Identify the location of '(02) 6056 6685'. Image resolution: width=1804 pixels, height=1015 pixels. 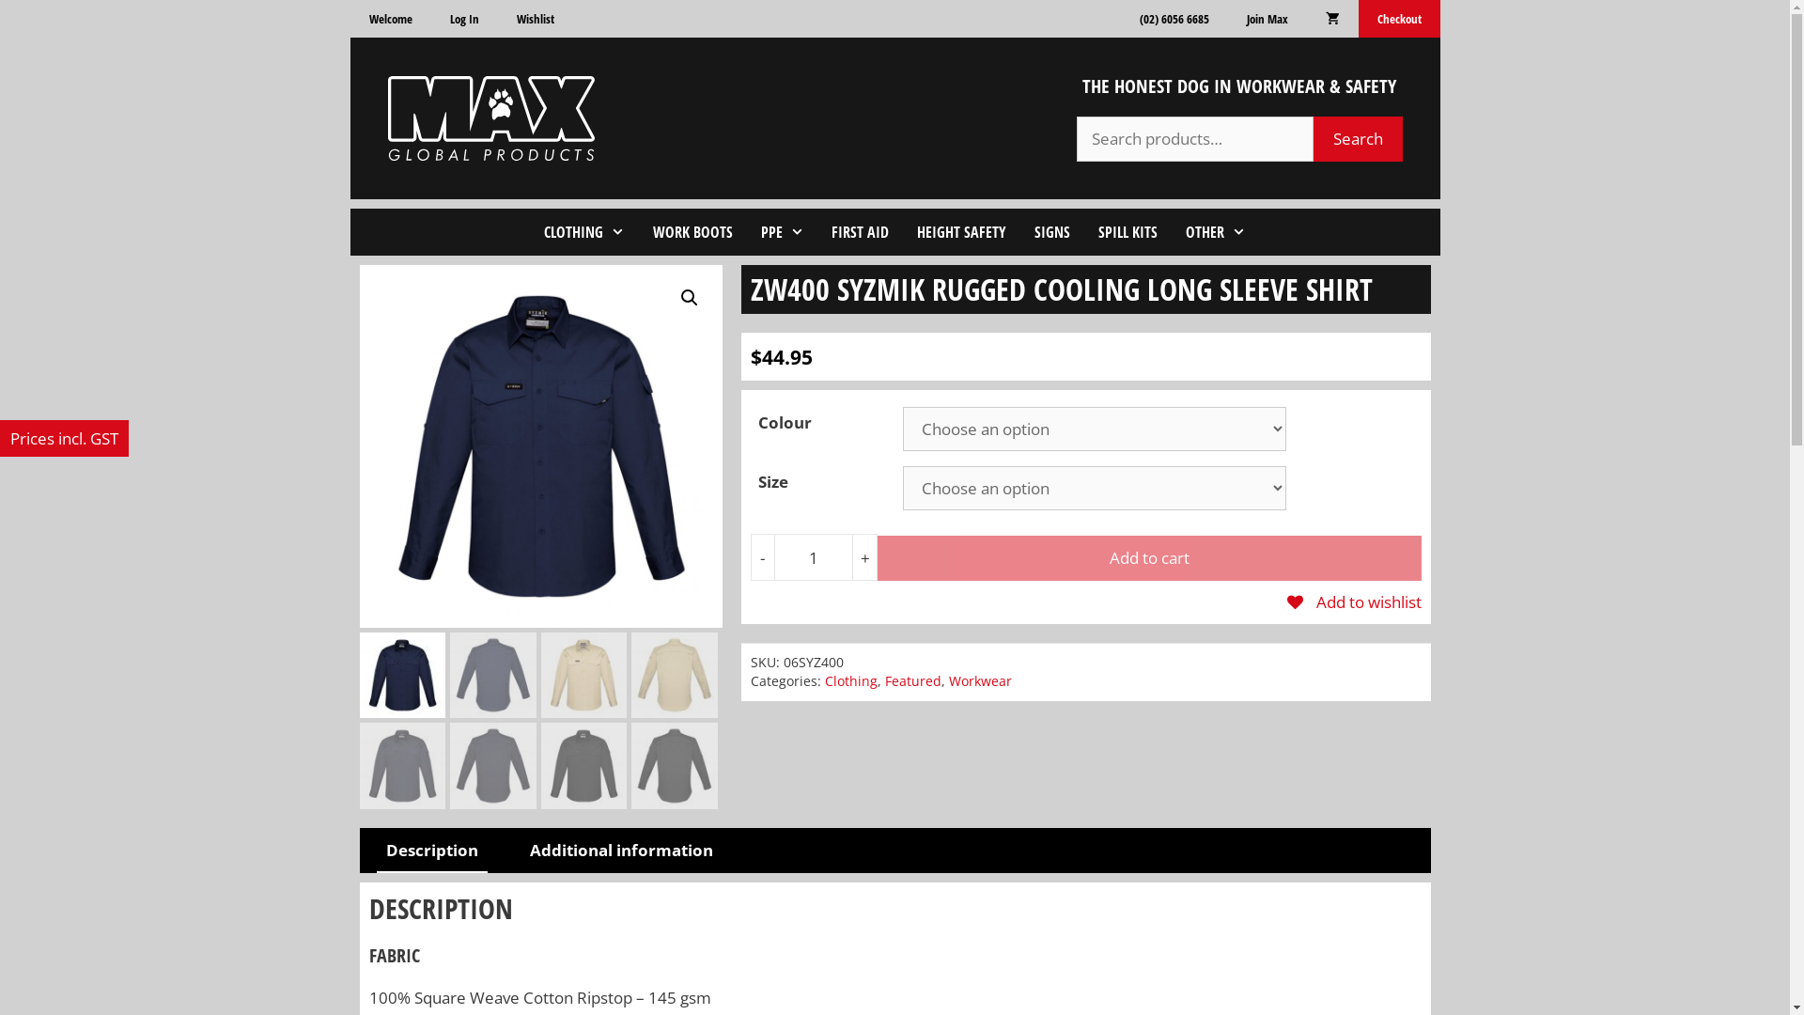
(1172, 18).